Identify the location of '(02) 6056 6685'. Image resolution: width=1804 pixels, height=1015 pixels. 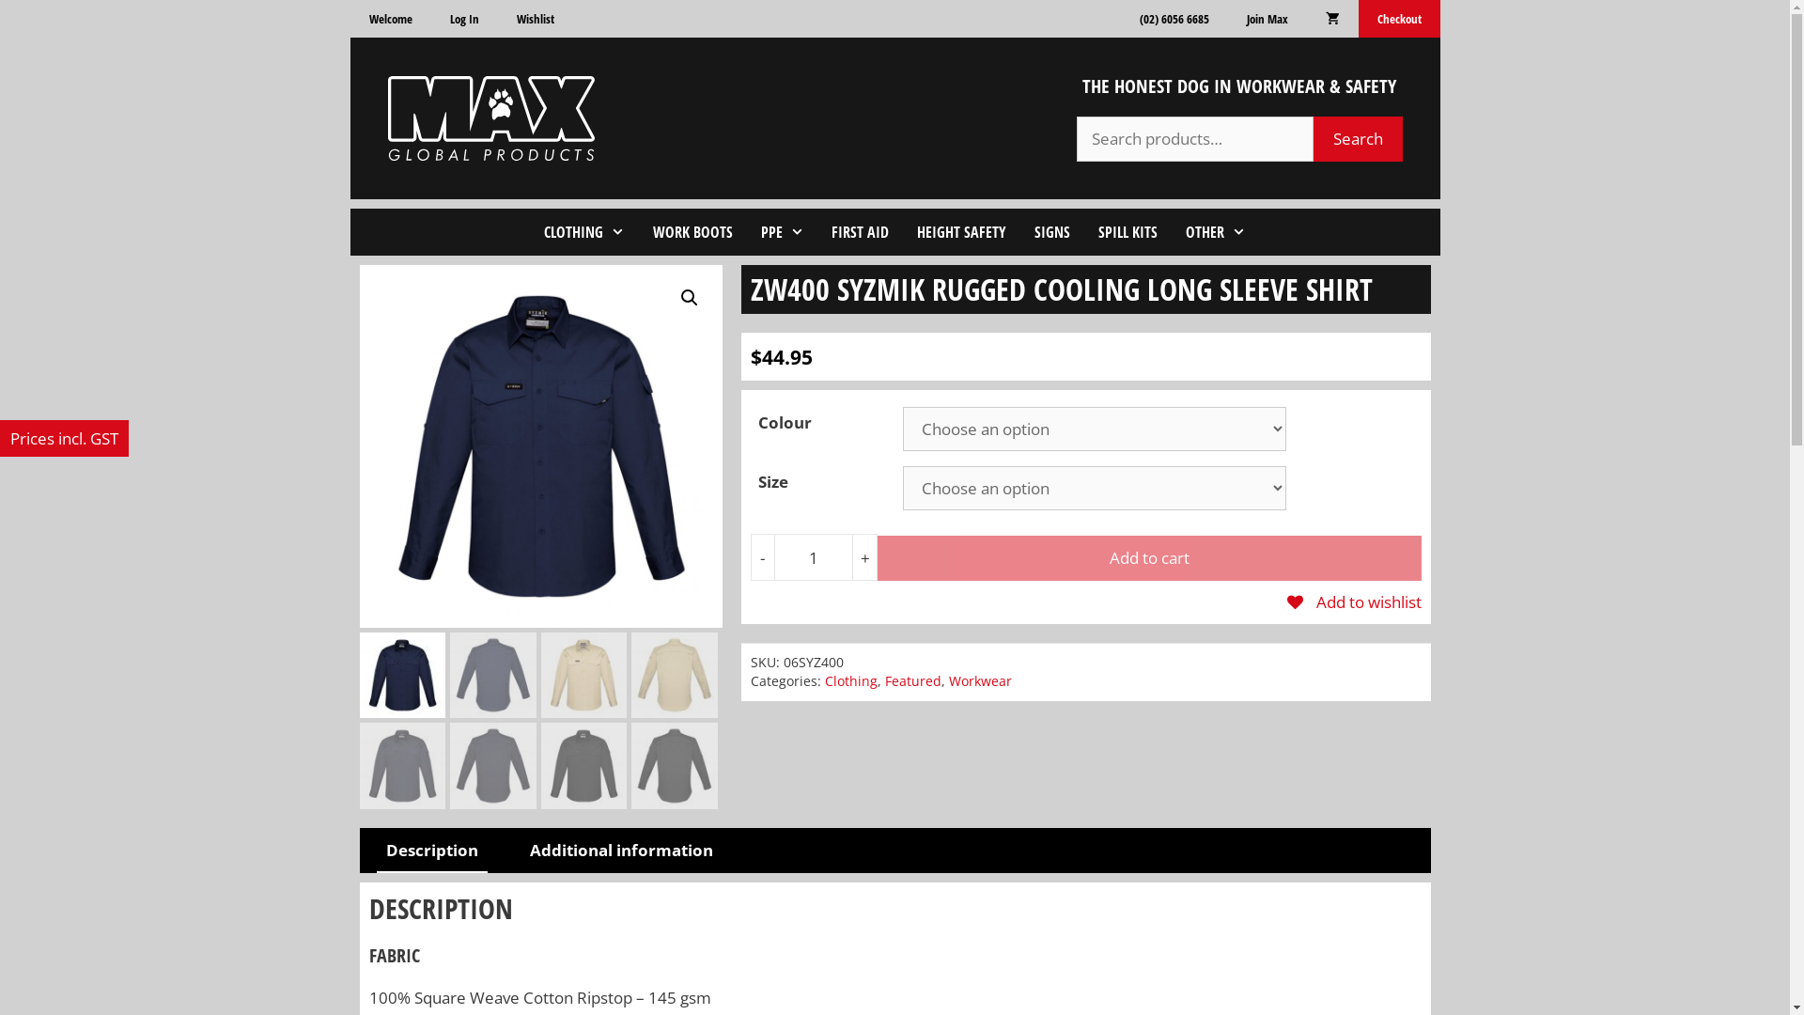
(1172, 18).